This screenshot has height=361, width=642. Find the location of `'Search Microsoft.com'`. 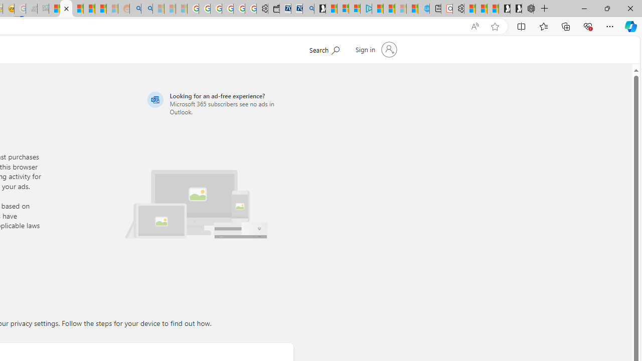

'Search Microsoft.com' is located at coordinates (343, 49).